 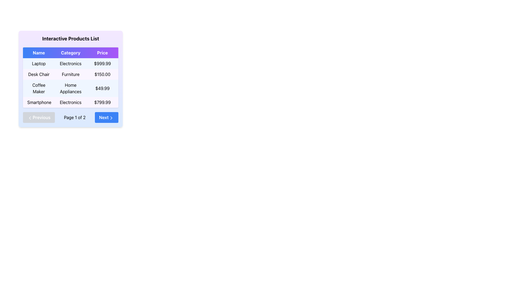 What do you see at coordinates (38, 74) in the screenshot?
I see `the static text label displaying 'Desk Chair' located in the second row under the 'Name' column of the table` at bounding box center [38, 74].